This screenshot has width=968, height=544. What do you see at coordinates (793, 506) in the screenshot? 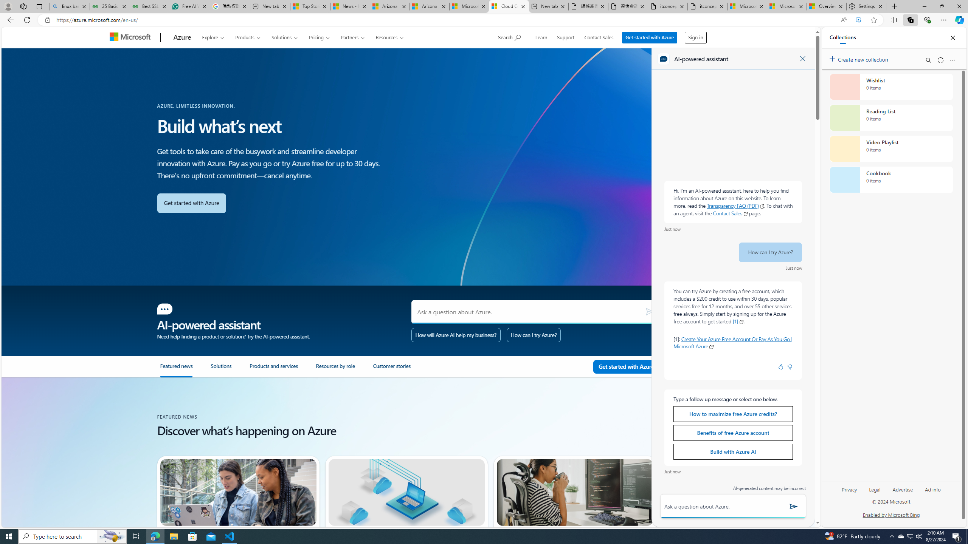
I see `'Send'` at bounding box center [793, 506].